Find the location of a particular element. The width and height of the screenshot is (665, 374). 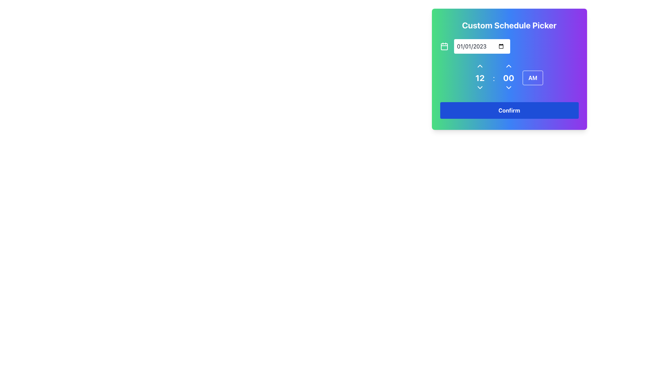

the button used to increase a numerical value in the 'Custom Schedule Picker' is located at coordinates (508, 66).